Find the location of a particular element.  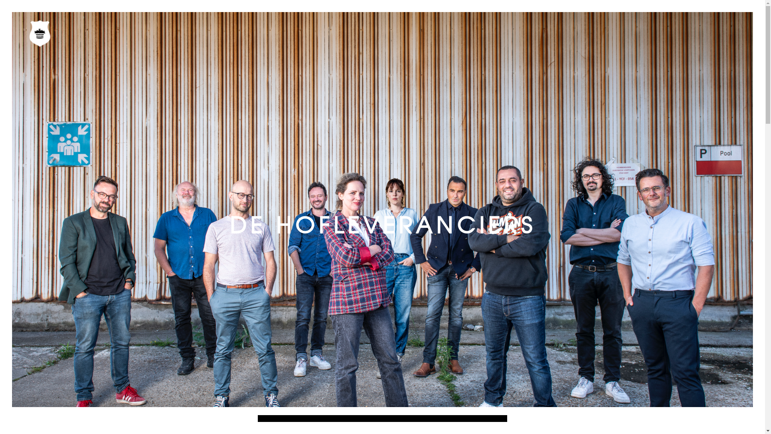

'menu' is located at coordinates (41, 35).